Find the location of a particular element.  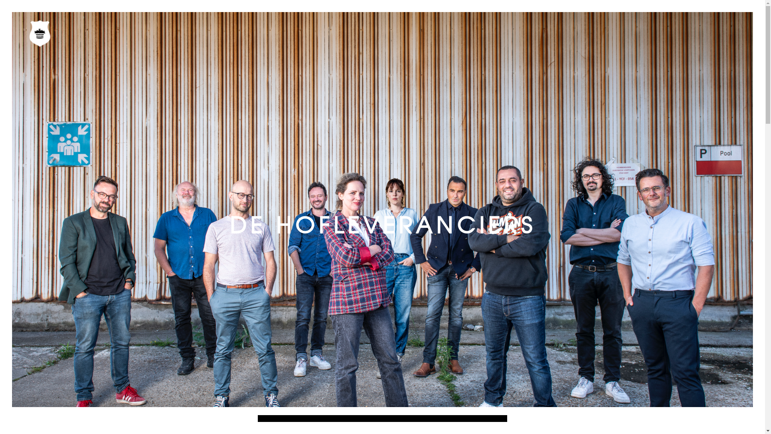

'menu' is located at coordinates (41, 35).